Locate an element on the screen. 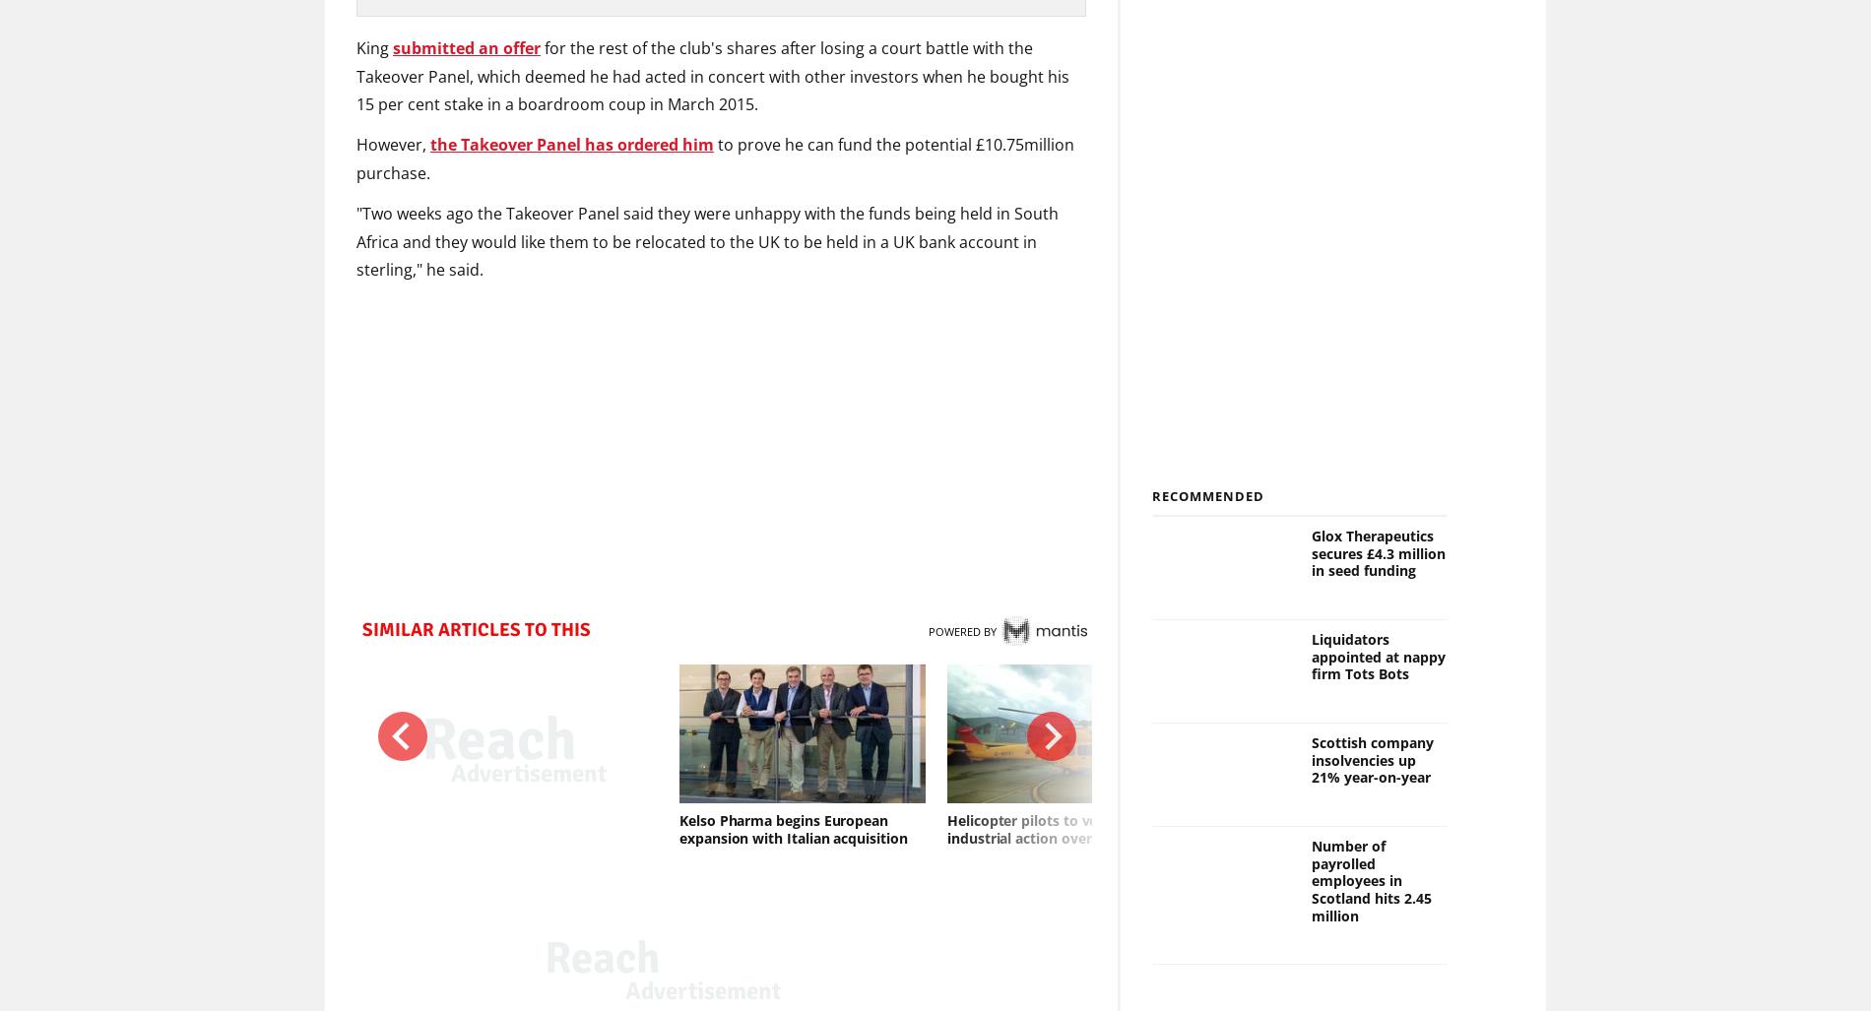  'submitted an offer' is located at coordinates (466, 46).